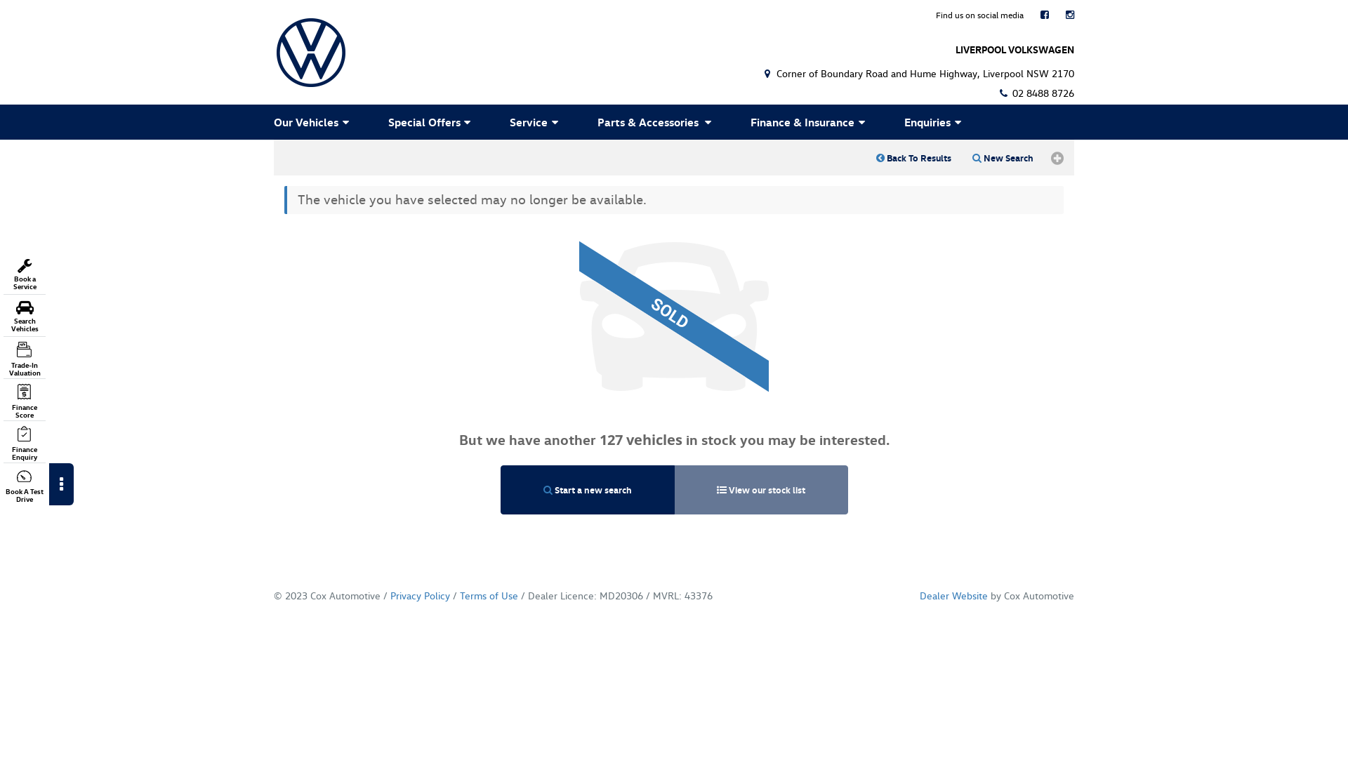 This screenshot has width=1348, height=758. Describe the element at coordinates (24, 317) in the screenshot. I see `'Search Vehicles'` at that location.